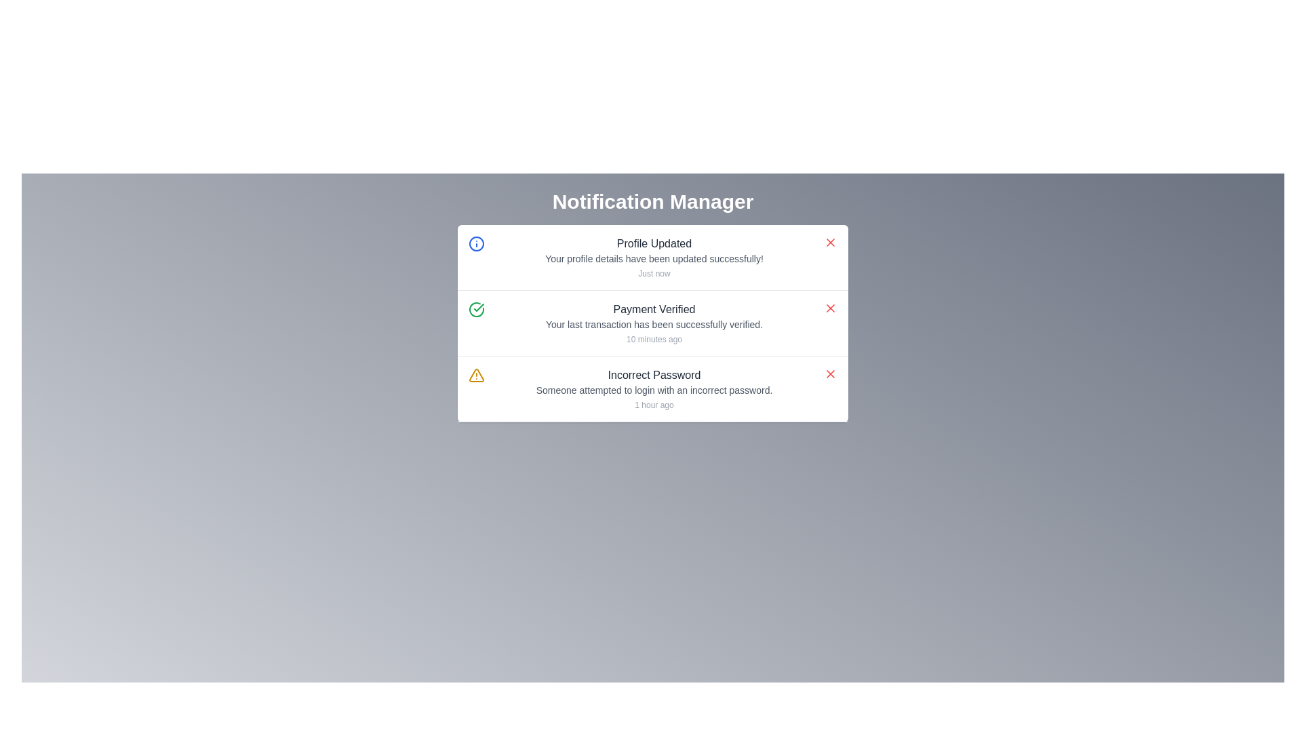 The width and height of the screenshot is (1302, 732). I want to click on the text label displaying '1 hour ago', which is located below the main notification about incorrect password attempts in the notification card section, so click(654, 404).